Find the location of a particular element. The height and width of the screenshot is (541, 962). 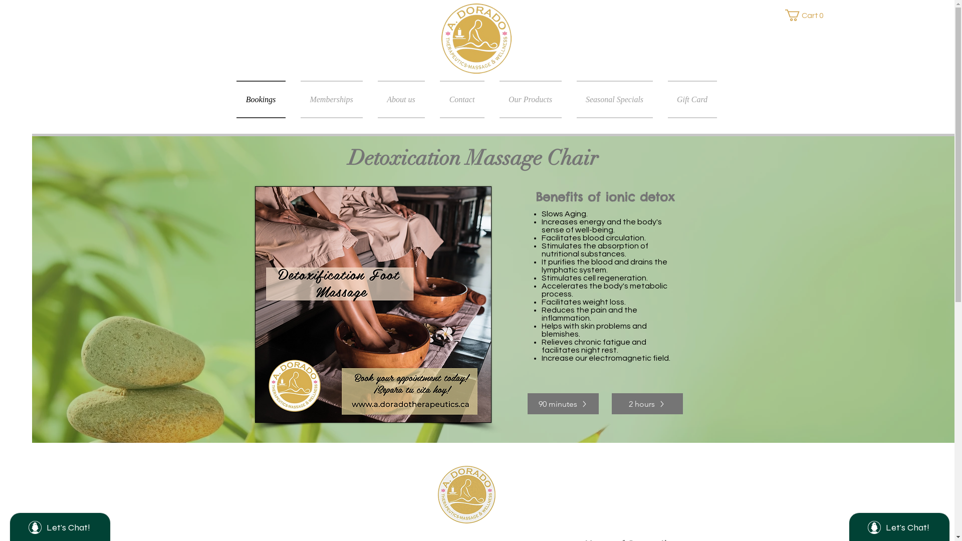

'Our Products' is located at coordinates (530, 99).